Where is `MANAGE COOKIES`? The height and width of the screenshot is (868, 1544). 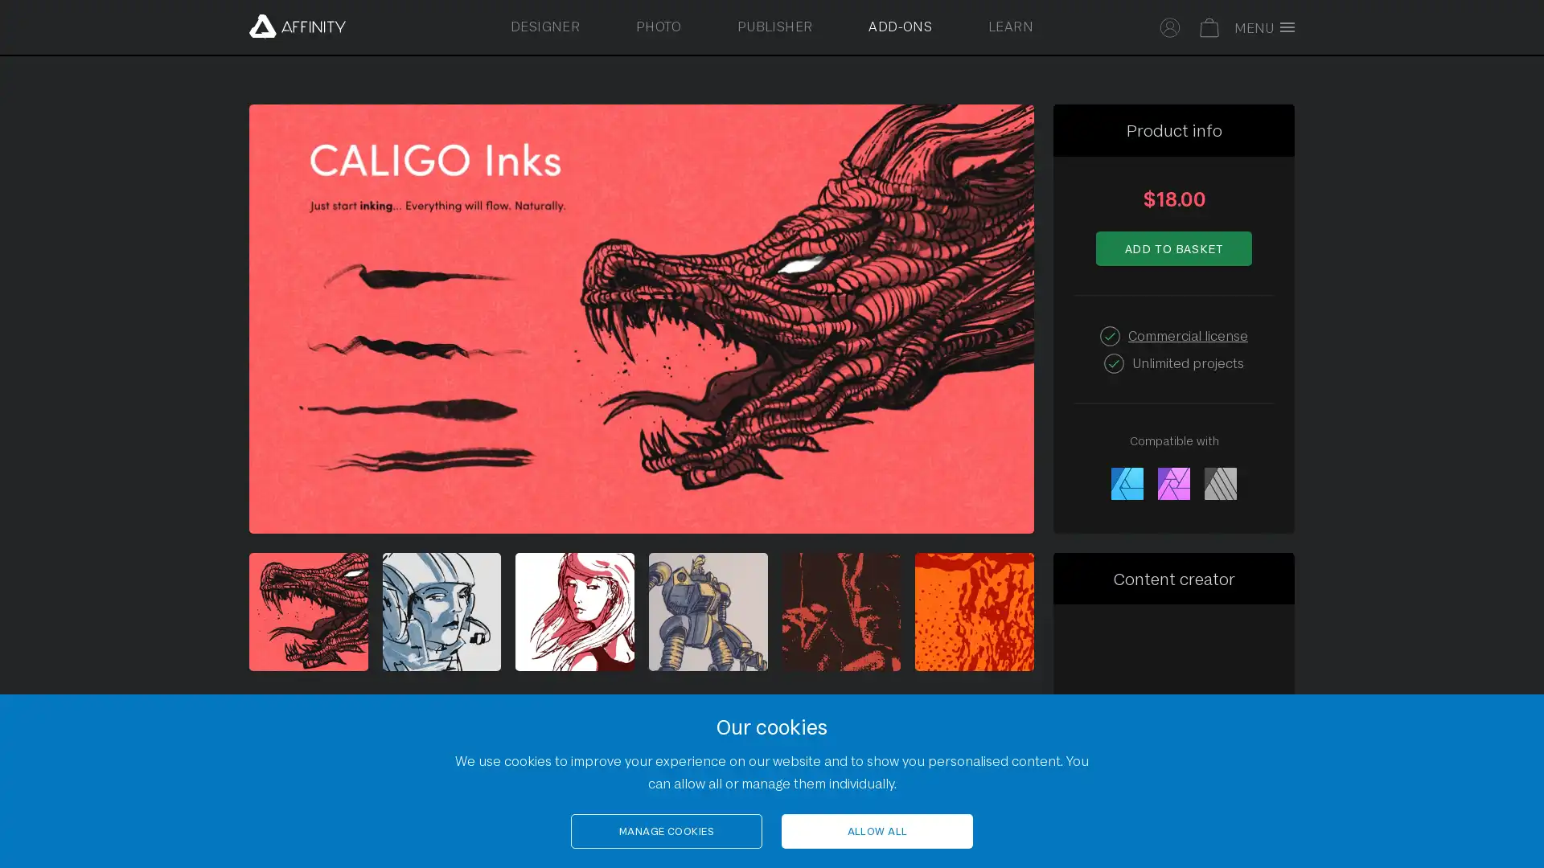 MANAGE COOKIES is located at coordinates (667, 831).